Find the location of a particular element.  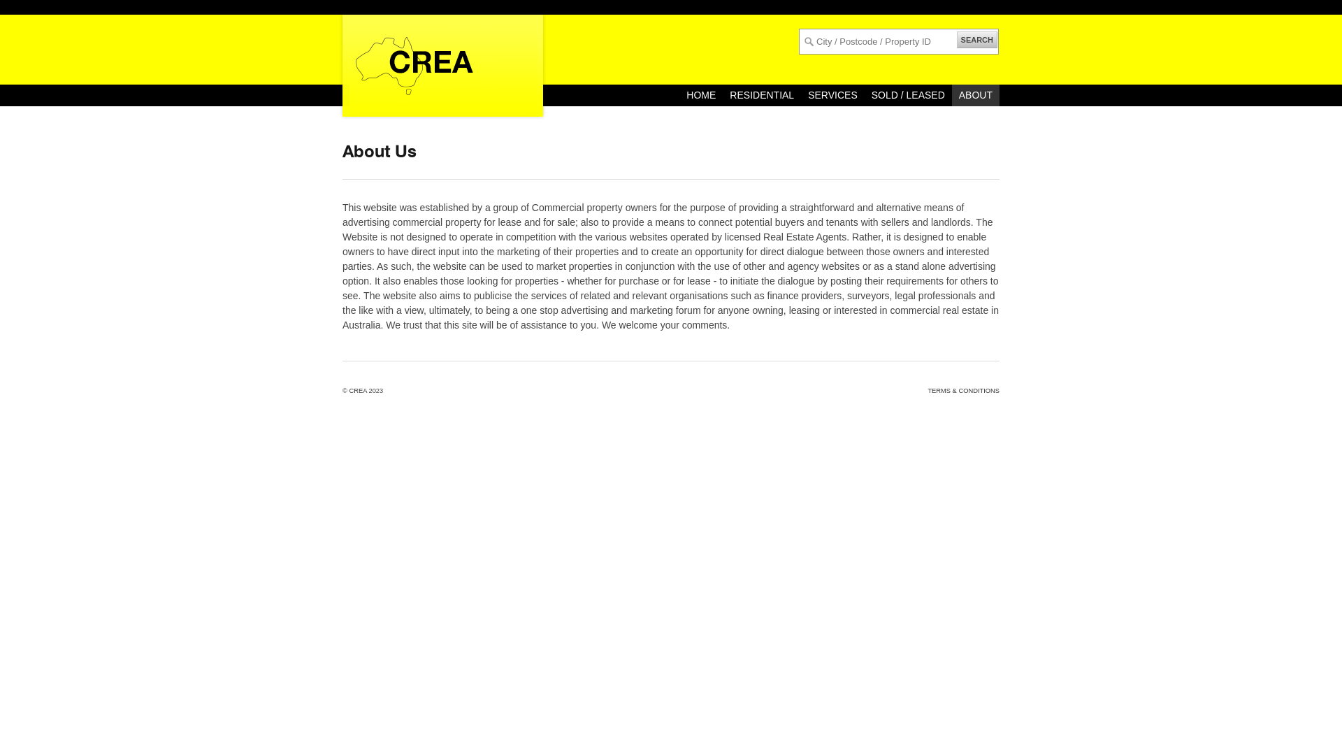

'SEARCH' is located at coordinates (976, 39).